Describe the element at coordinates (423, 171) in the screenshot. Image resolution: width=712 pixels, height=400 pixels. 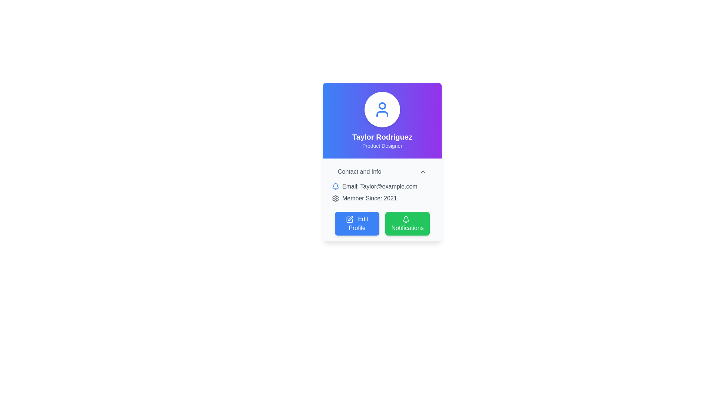
I see `the chevron icon located to the right of the 'Contact and Info' text` at that location.